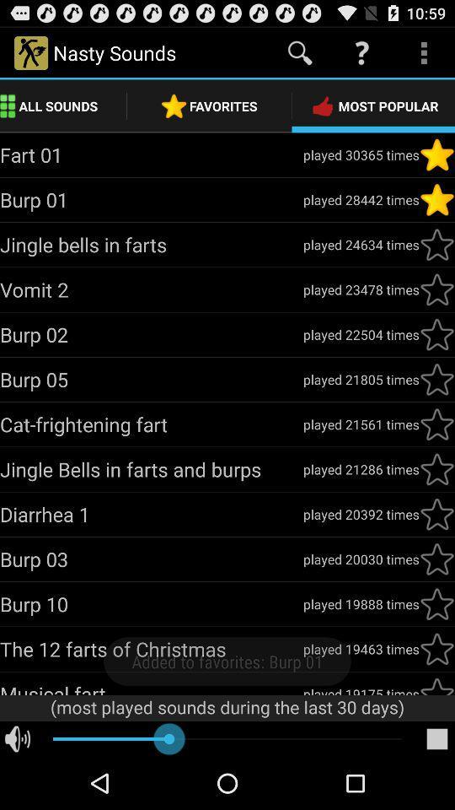 This screenshot has height=810, width=455. I want to click on to favorites, so click(436, 333).